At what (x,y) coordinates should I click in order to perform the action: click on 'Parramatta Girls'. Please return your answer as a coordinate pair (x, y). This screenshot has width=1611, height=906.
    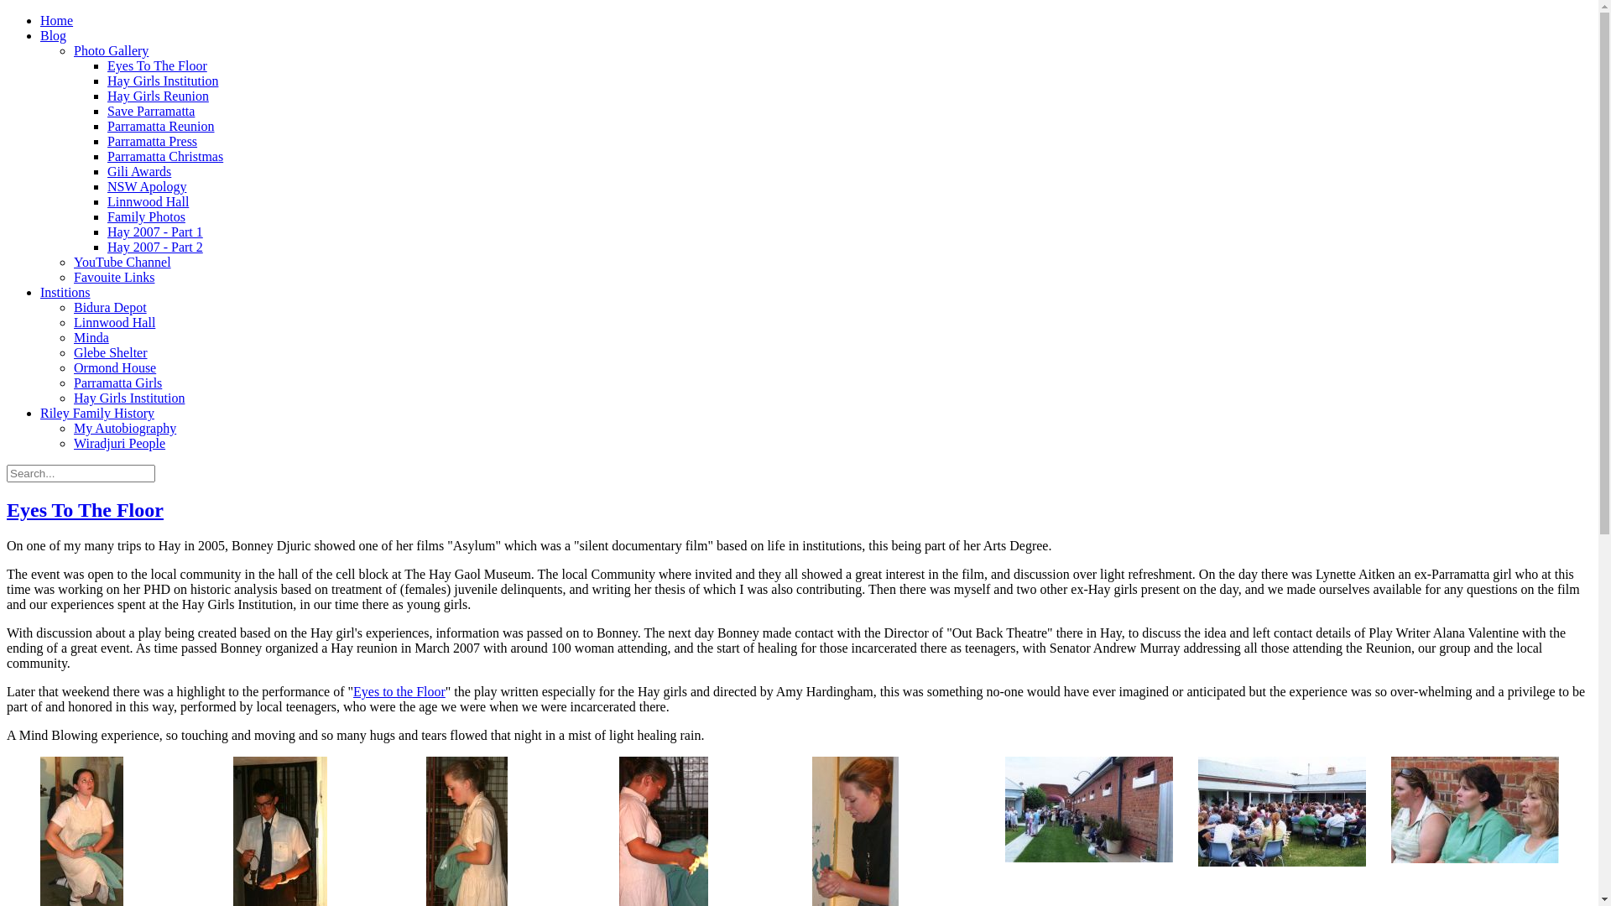
    Looking at the image, I should click on (117, 383).